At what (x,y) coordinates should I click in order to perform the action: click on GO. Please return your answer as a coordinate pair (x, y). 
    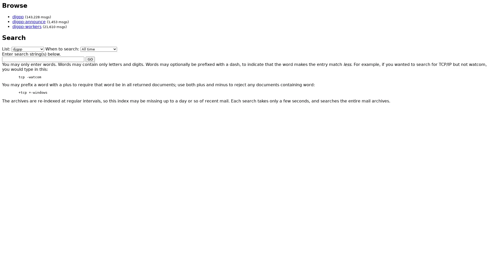
    Looking at the image, I should click on (90, 59).